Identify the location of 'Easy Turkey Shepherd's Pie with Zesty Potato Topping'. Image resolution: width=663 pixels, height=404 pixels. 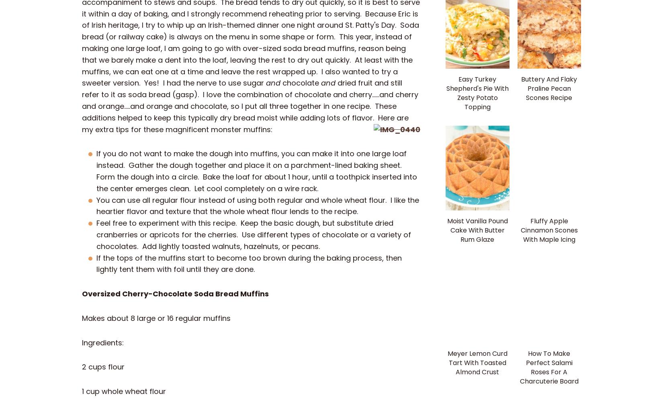
(477, 92).